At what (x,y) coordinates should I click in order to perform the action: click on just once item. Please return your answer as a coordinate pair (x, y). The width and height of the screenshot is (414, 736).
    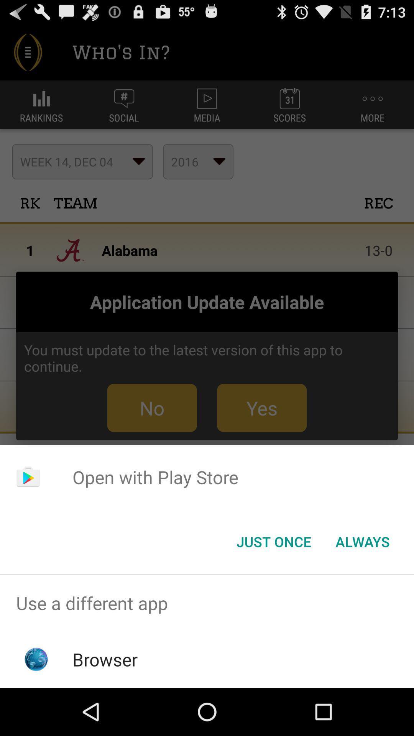
    Looking at the image, I should click on (273, 541).